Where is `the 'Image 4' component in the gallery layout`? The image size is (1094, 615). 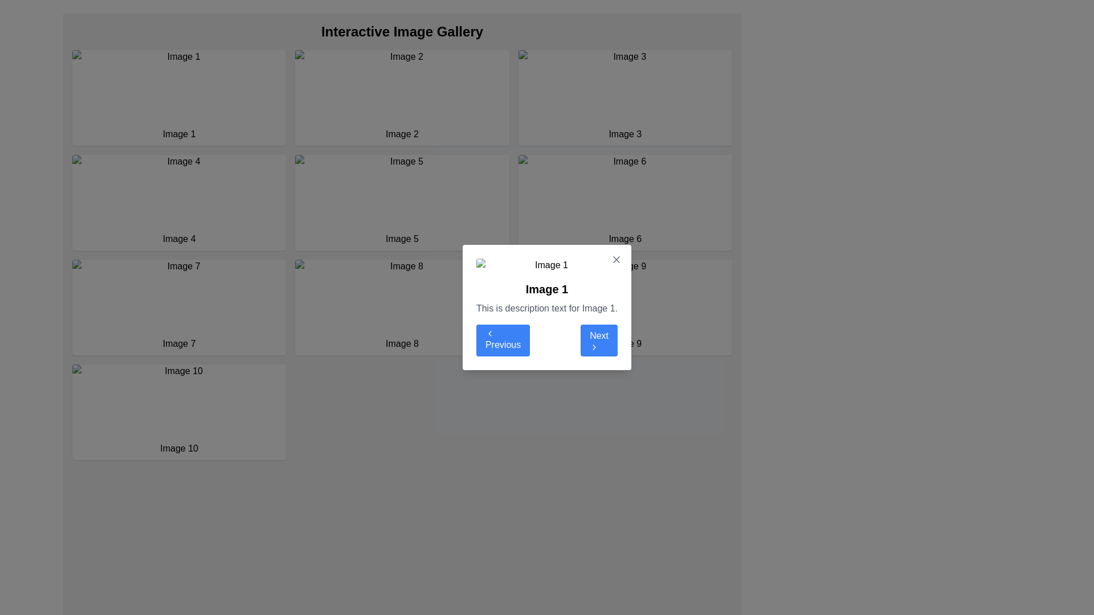 the 'Image 4' component in the gallery layout is located at coordinates (178, 190).